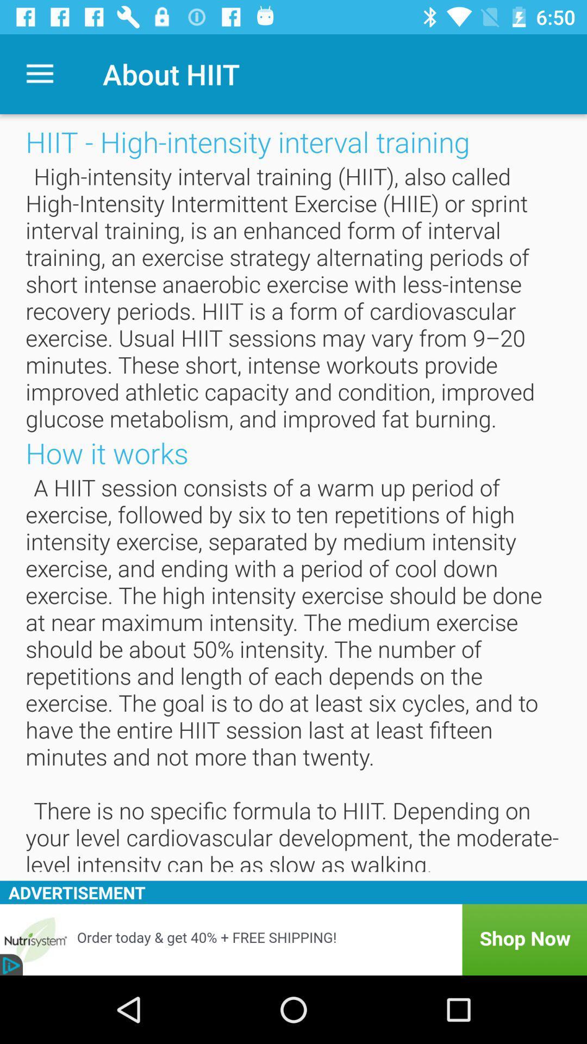 The width and height of the screenshot is (587, 1044). What do you see at coordinates (293, 939) in the screenshot?
I see `shop now` at bounding box center [293, 939].